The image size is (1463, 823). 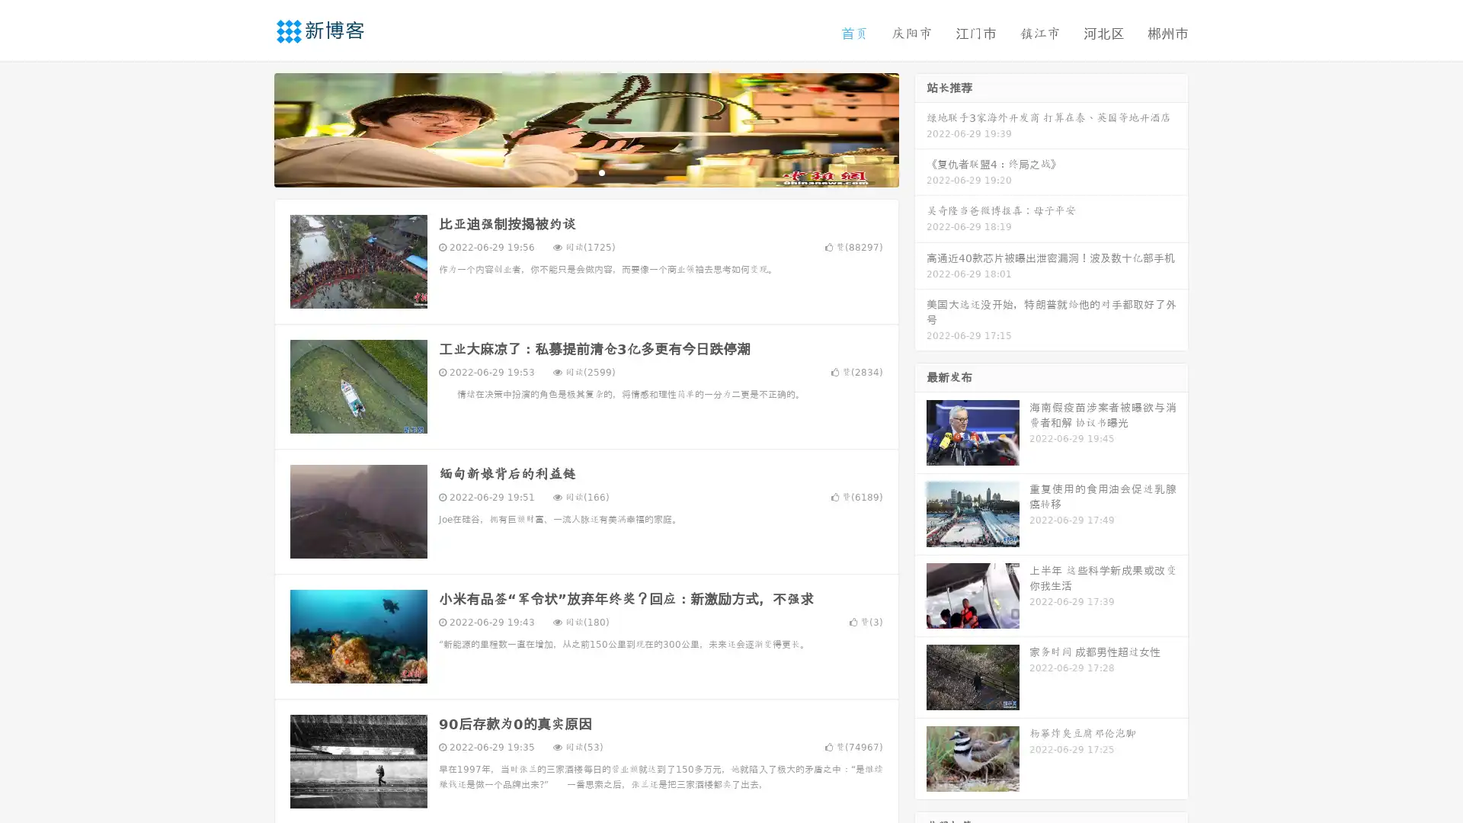 What do you see at coordinates (570, 171) in the screenshot?
I see `Go to slide 1` at bounding box center [570, 171].